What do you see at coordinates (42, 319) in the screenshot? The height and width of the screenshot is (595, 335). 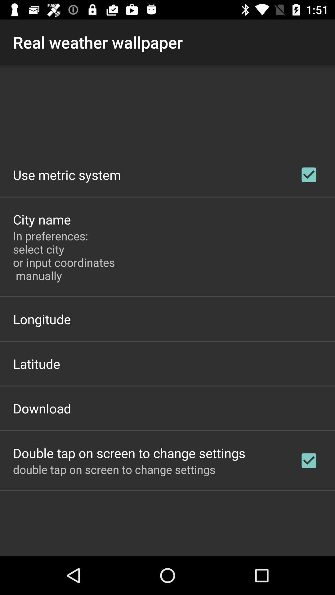 I see `longitude app` at bounding box center [42, 319].